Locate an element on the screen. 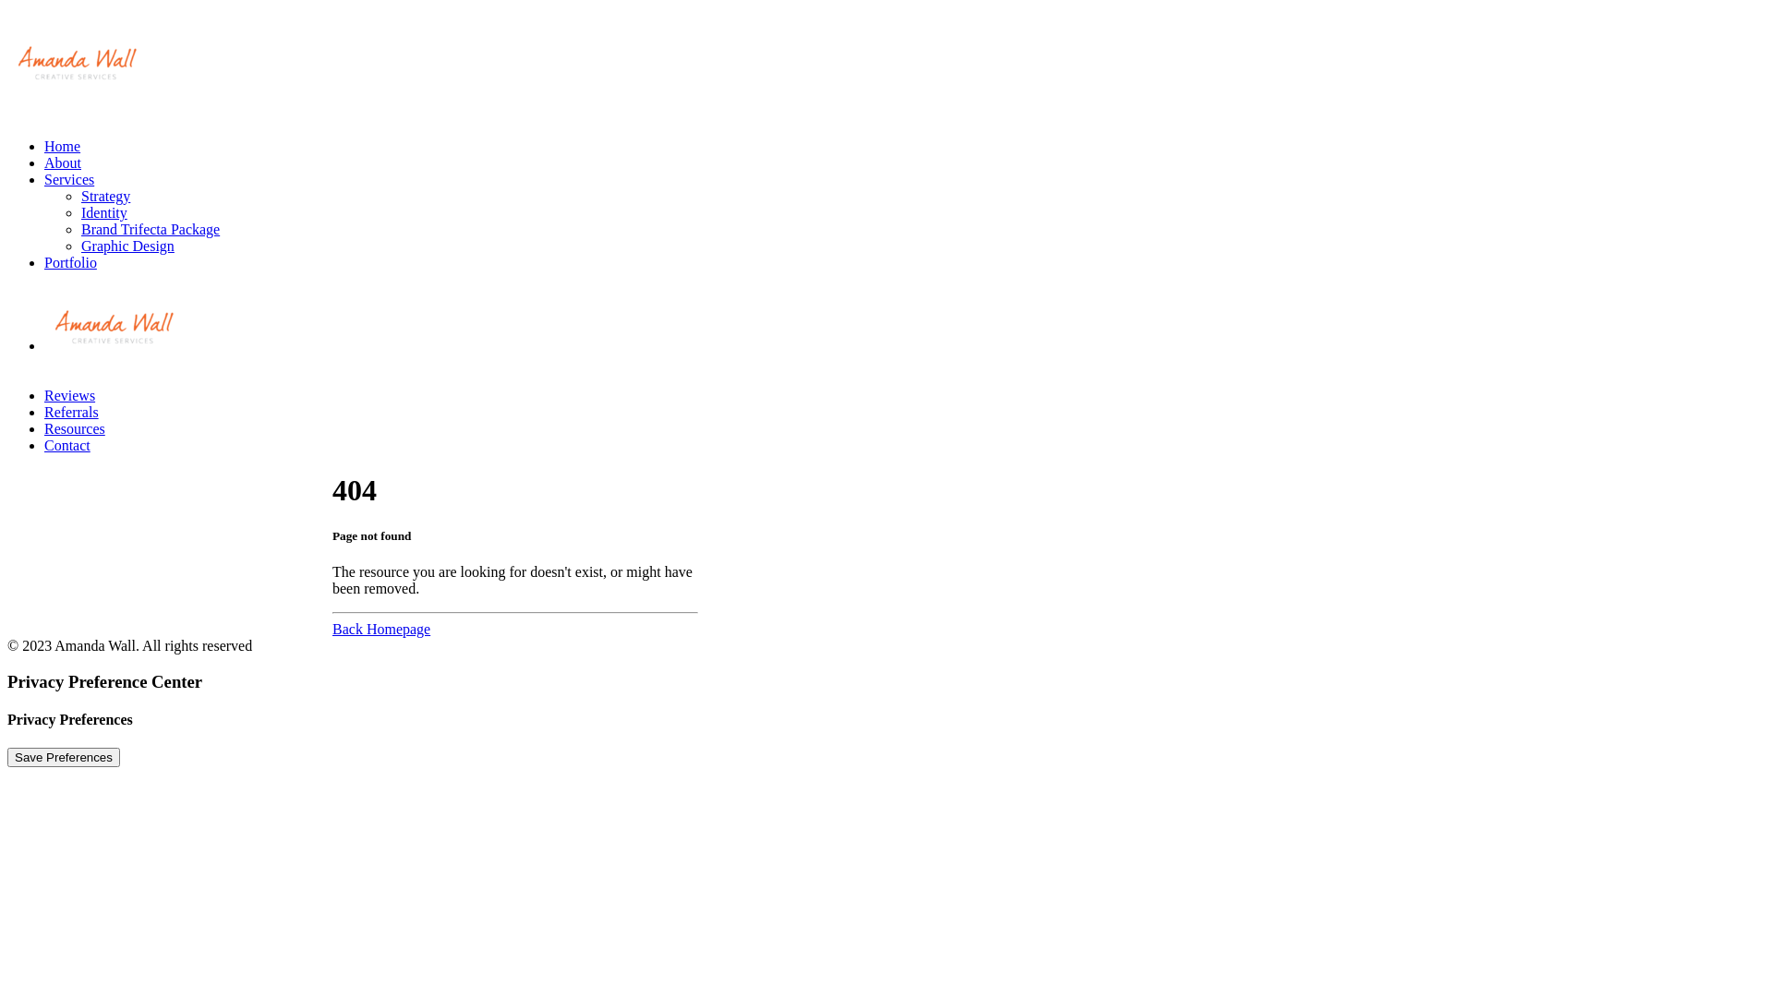 The image size is (1773, 997). 'Brand Trifecta Package' is located at coordinates (151, 228).